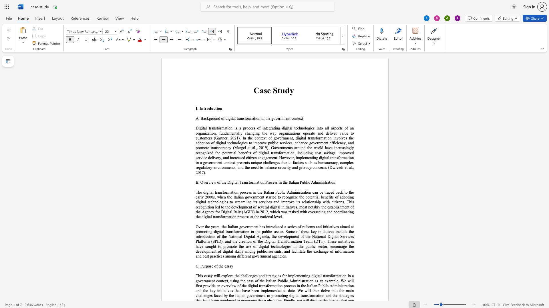 The height and width of the screenshot is (308, 549). Describe the element at coordinates (289, 90) in the screenshot. I see `the space between the continuous character "d" and "y" in the text` at that location.